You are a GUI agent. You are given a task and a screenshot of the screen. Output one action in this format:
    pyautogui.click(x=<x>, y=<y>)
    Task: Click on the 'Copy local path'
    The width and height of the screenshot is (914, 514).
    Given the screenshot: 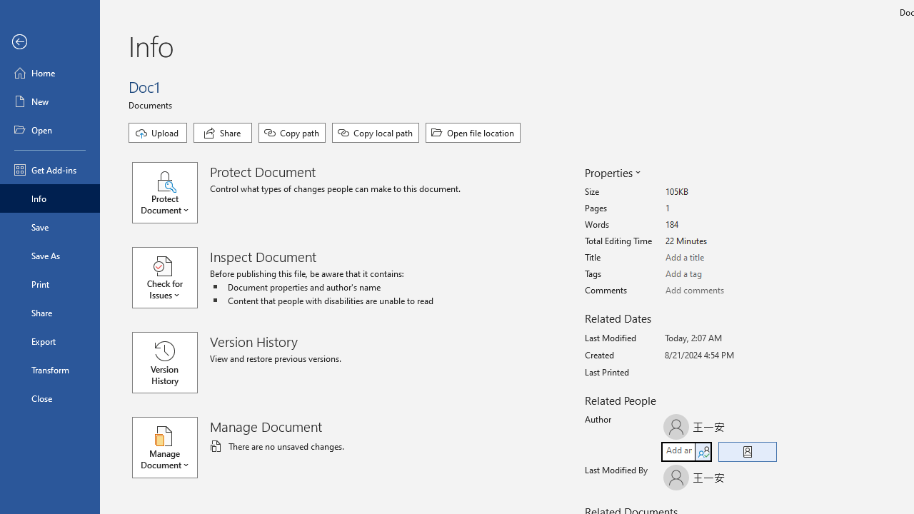 What is the action you would take?
    pyautogui.click(x=376, y=133)
    